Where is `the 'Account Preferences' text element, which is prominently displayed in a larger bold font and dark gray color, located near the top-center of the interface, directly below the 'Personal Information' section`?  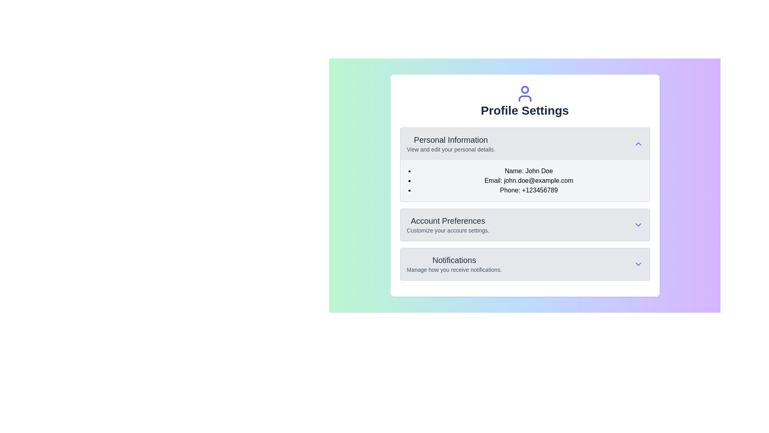 the 'Account Preferences' text element, which is prominently displayed in a larger bold font and dark gray color, located near the top-center of the interface, directly below the 'Personal Information' section is located at coordinates (447, 221).